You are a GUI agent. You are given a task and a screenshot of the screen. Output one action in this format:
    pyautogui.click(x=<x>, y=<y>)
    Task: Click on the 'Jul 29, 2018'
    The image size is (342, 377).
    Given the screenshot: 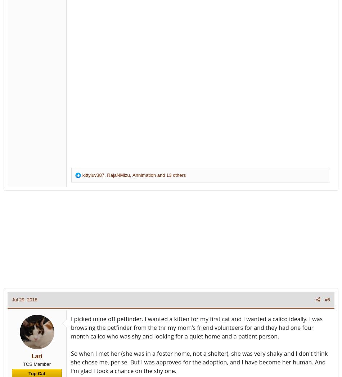 What is the action you would take?
    pyautogui.click(x=24, y=300)
    